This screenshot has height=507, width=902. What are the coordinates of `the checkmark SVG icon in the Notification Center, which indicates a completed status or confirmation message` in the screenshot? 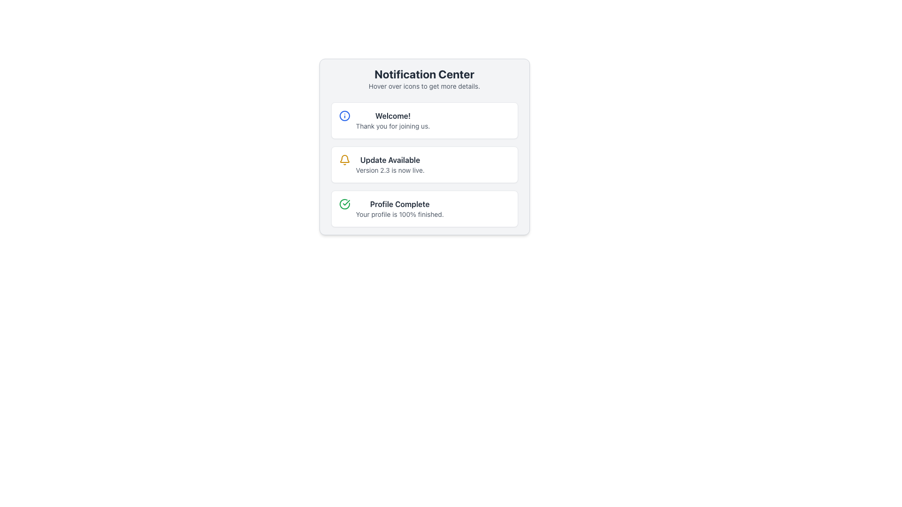 It's located at (346, 202).